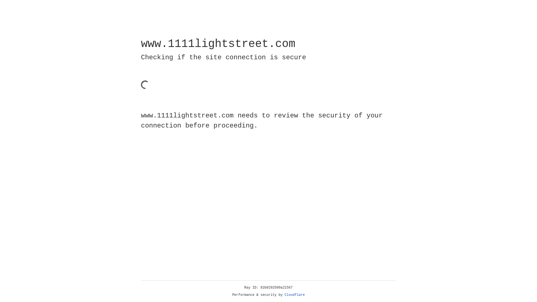 This screenshot has height=302, width=537. What do you see at coordinates (295, 295) in the screenshot?
I see `'Cloudflare'` at bounding box center [295, 295].